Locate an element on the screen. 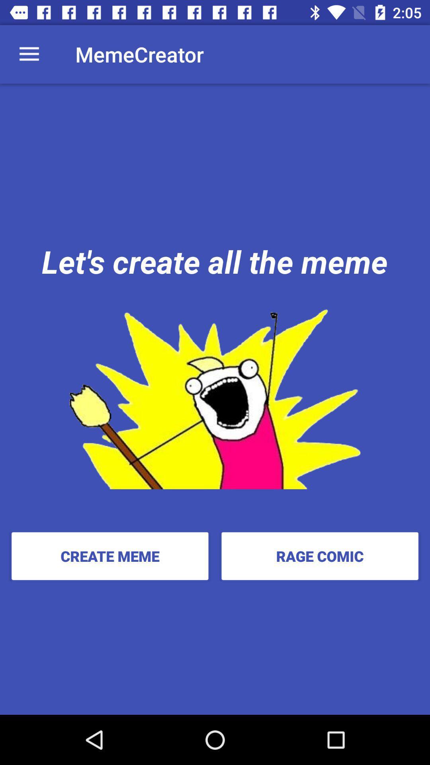  item to the left of the memecreator item is located at coordinates (29, 54).